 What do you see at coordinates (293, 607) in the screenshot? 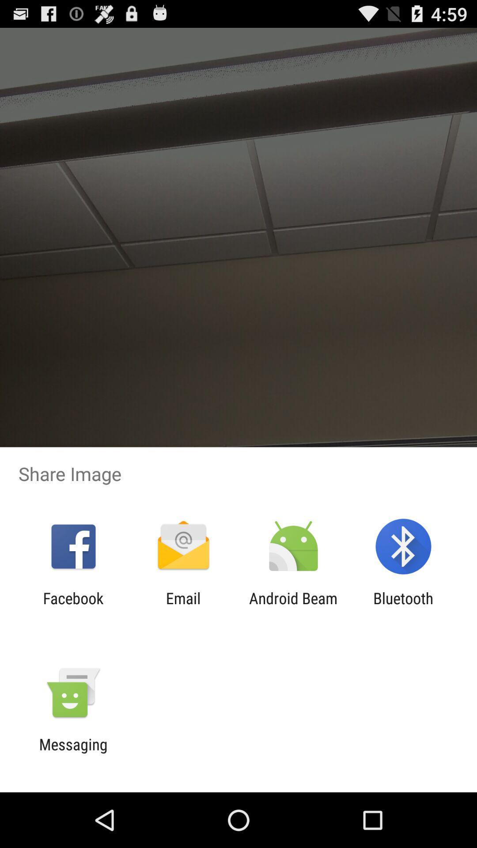
I see `the android beam icon` at bounding box center [293, 607].